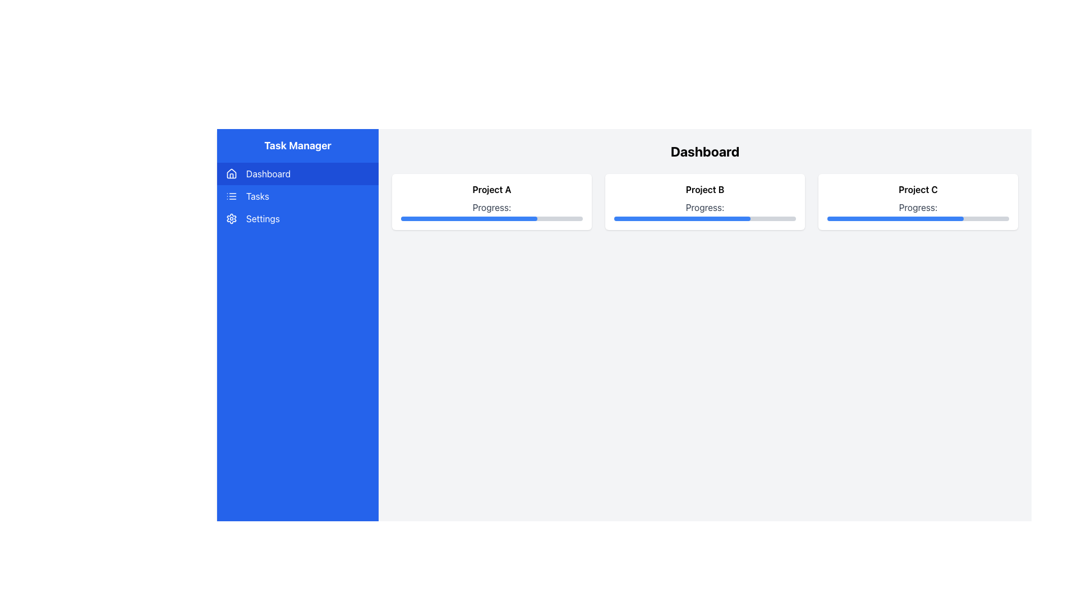 The width and height of the screenshot is (1077, 606). I want to click on the horizontal progress bar located below the 'Progress:' label in the 'Project A' card on the dashboard, so click(492, 218).